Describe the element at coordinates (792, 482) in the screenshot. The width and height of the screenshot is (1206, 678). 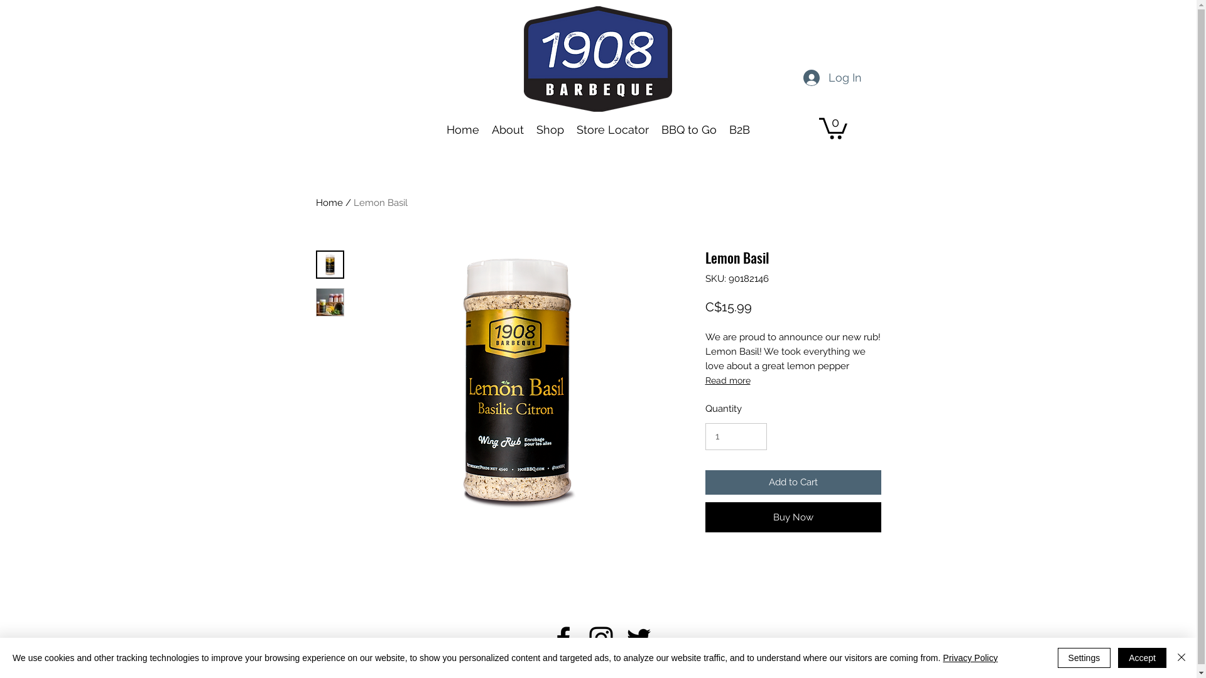
I see `'Add to Cart'` at that location.